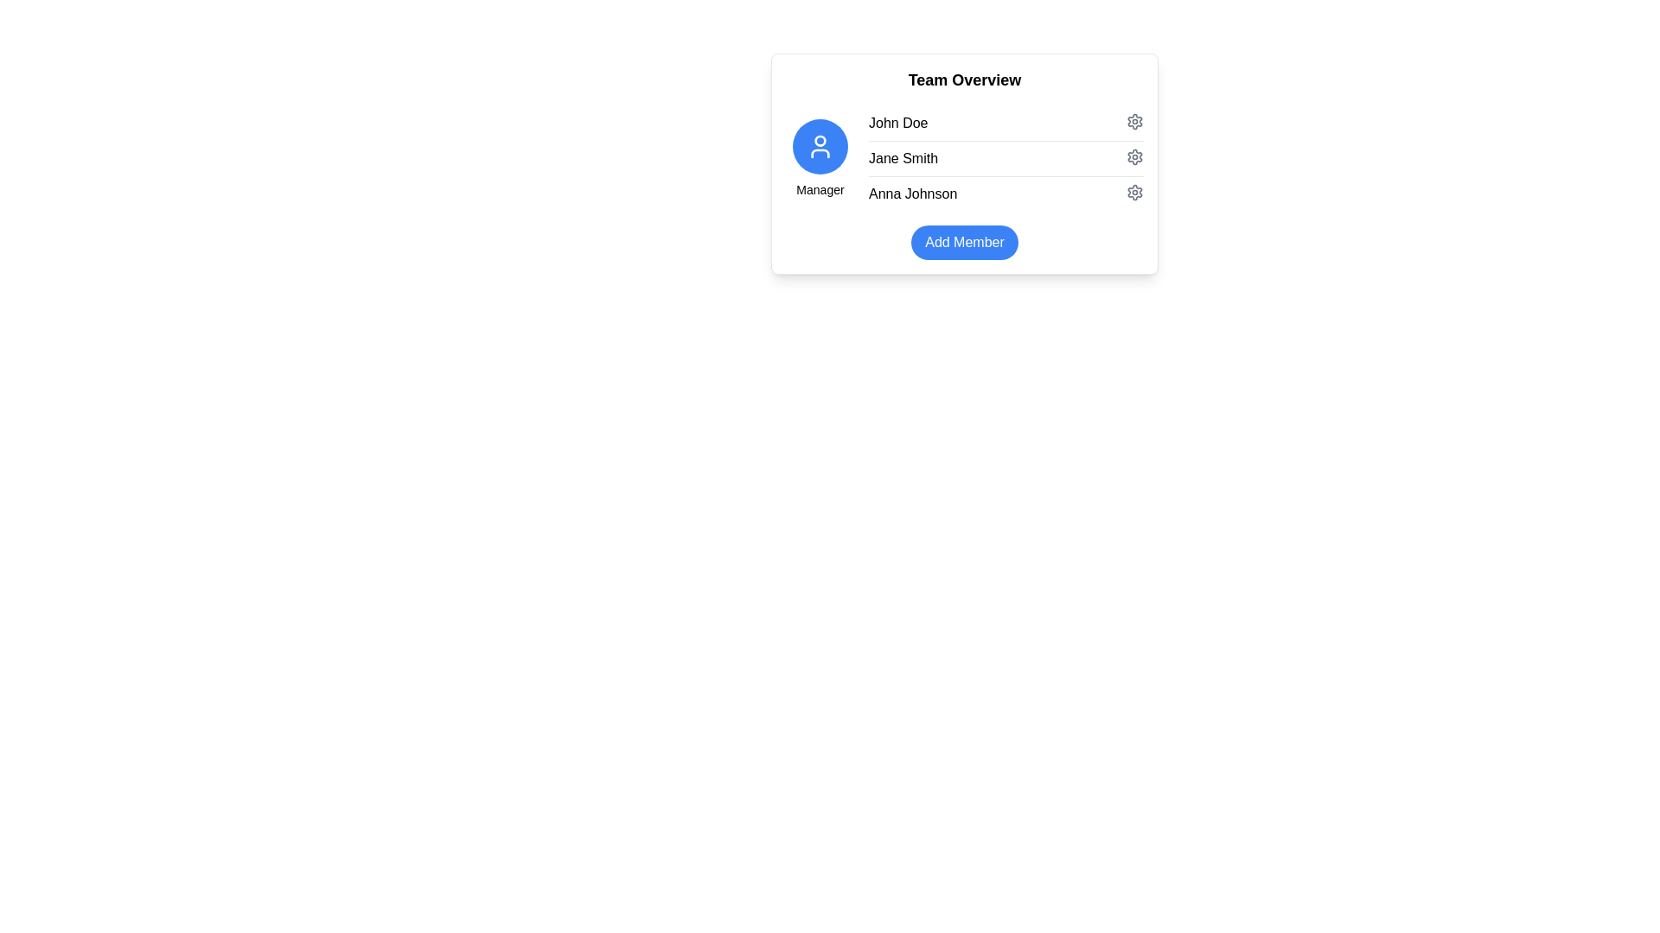  What do you see at coordinates (1135, 193) in the screenshot?
I see `the cogwheel icon next to 'Anna Johnson'` at bounding box center [1135, 193].